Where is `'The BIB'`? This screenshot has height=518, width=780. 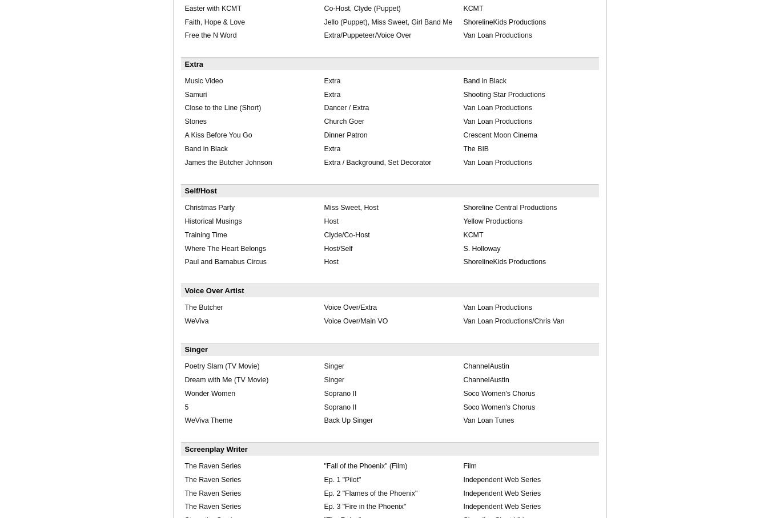
'The BIB' is located at coordinates (462, 147).